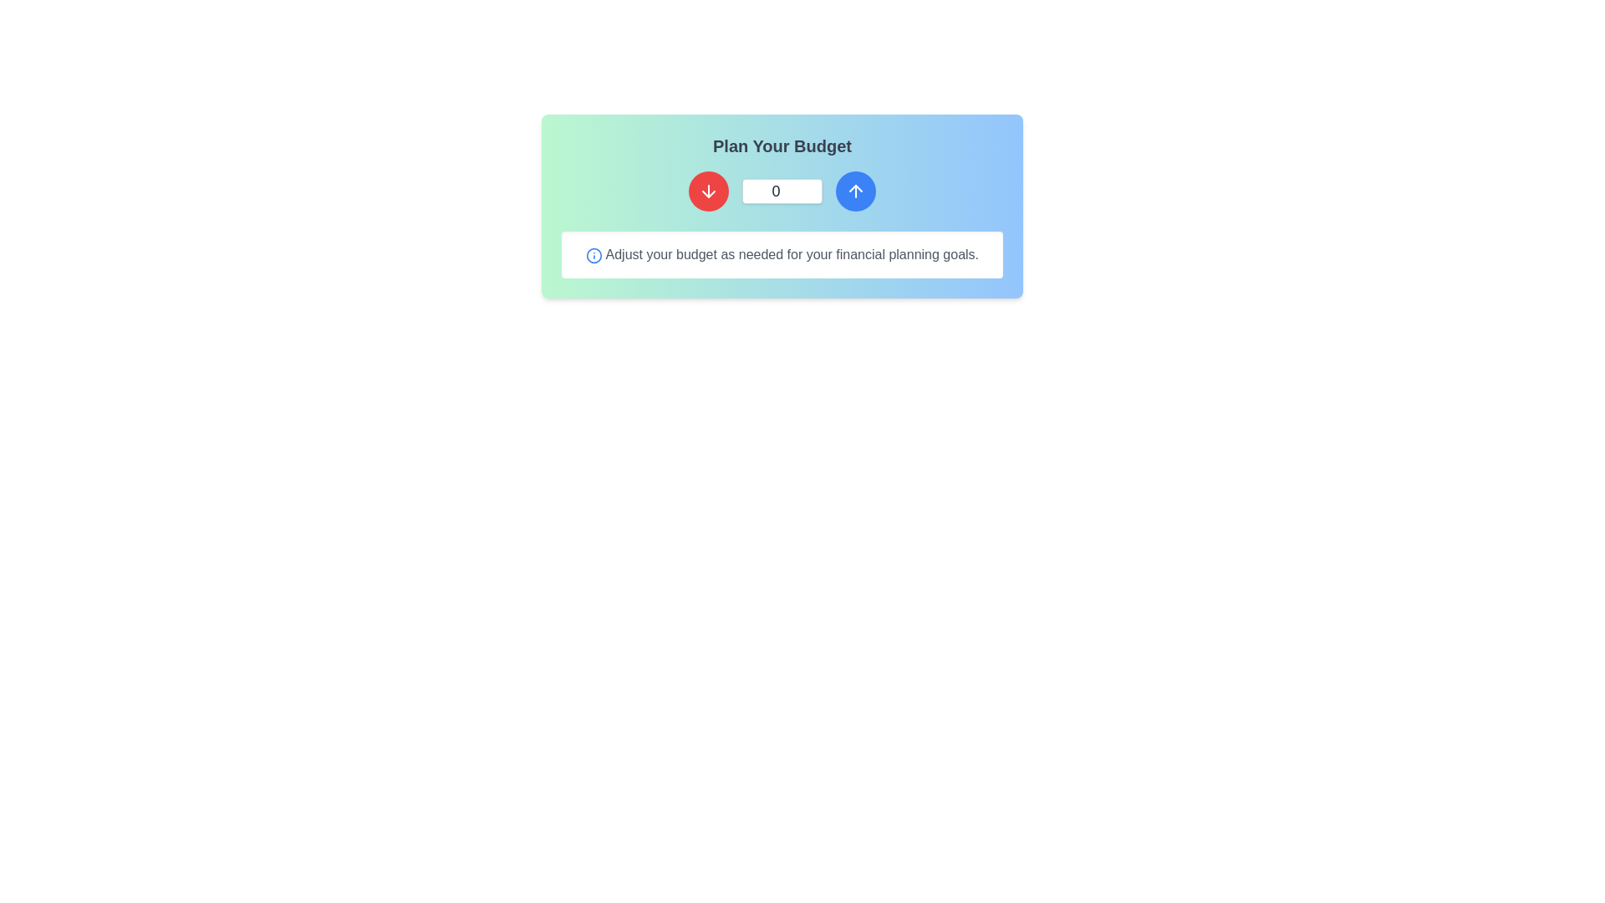 The height and width of the screenshot is (903, 1605). Describe the element at coordinates (782, 145) in the screenshot. I see `the text header reading 'Plan Your Budget', which is bold and large-sized, centered horizontally with a gray color on a gradient background from green to blue` at that location.